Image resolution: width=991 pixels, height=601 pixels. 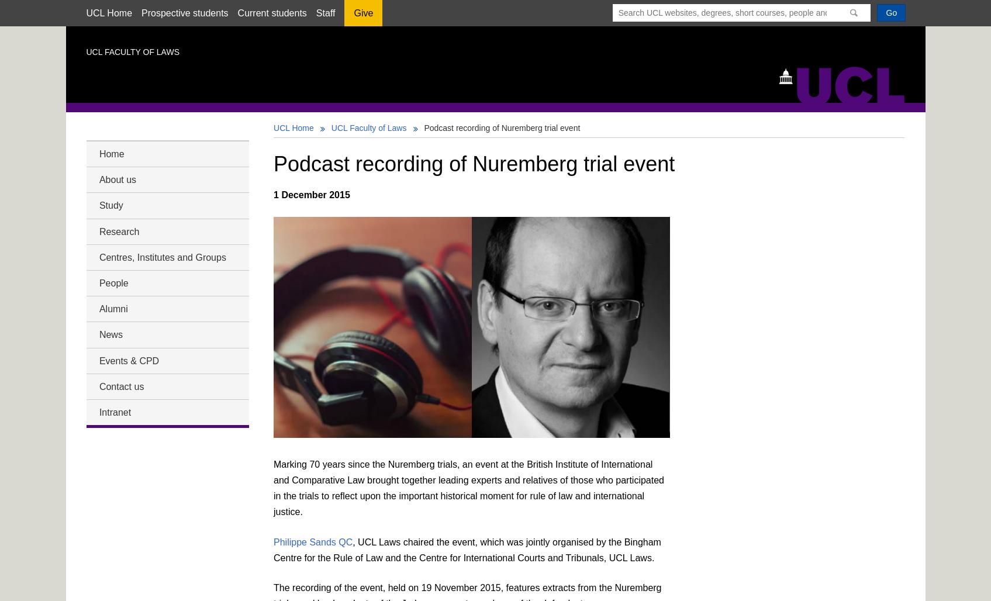 I want to click on 'Study', so click(x=111, y=205).